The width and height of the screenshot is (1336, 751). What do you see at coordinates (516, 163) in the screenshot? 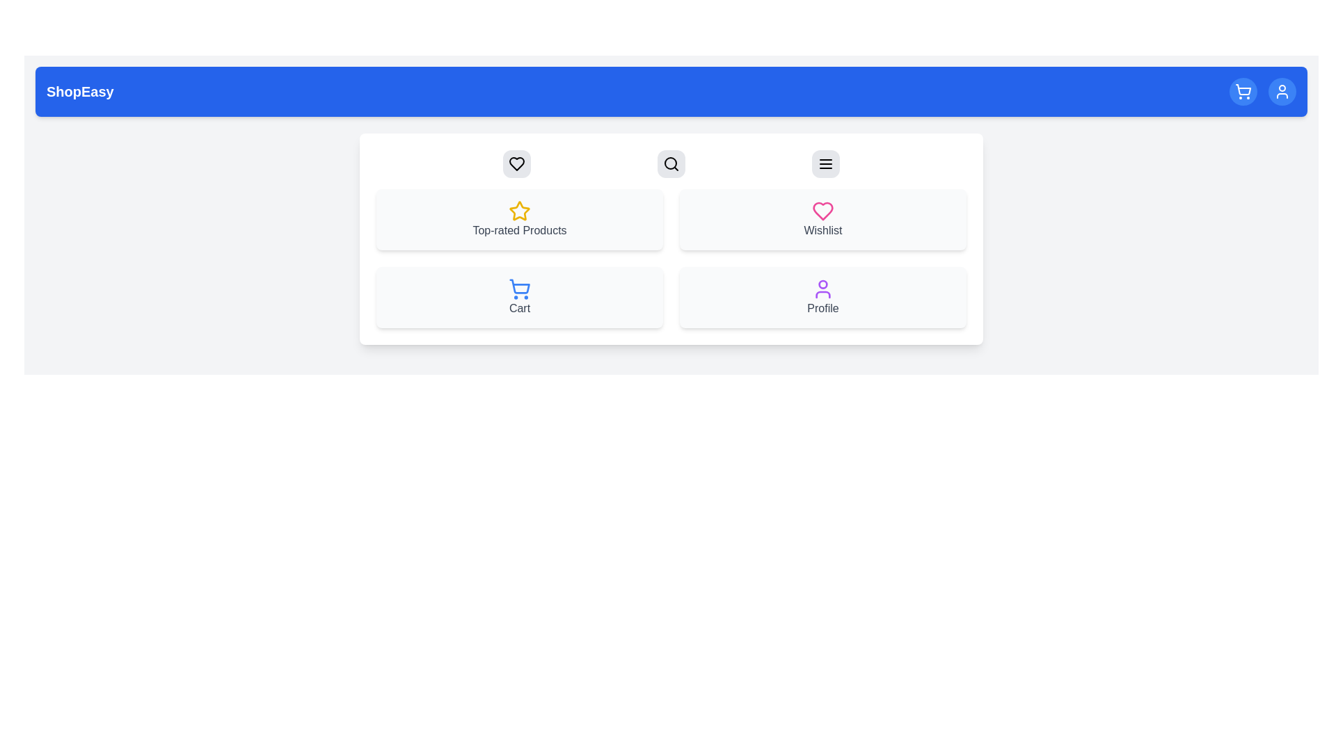
I see `the 'favorite' button, which is the first button in a row of three, located under the blue header, to observe the style change` at bounding box center [516, 163].